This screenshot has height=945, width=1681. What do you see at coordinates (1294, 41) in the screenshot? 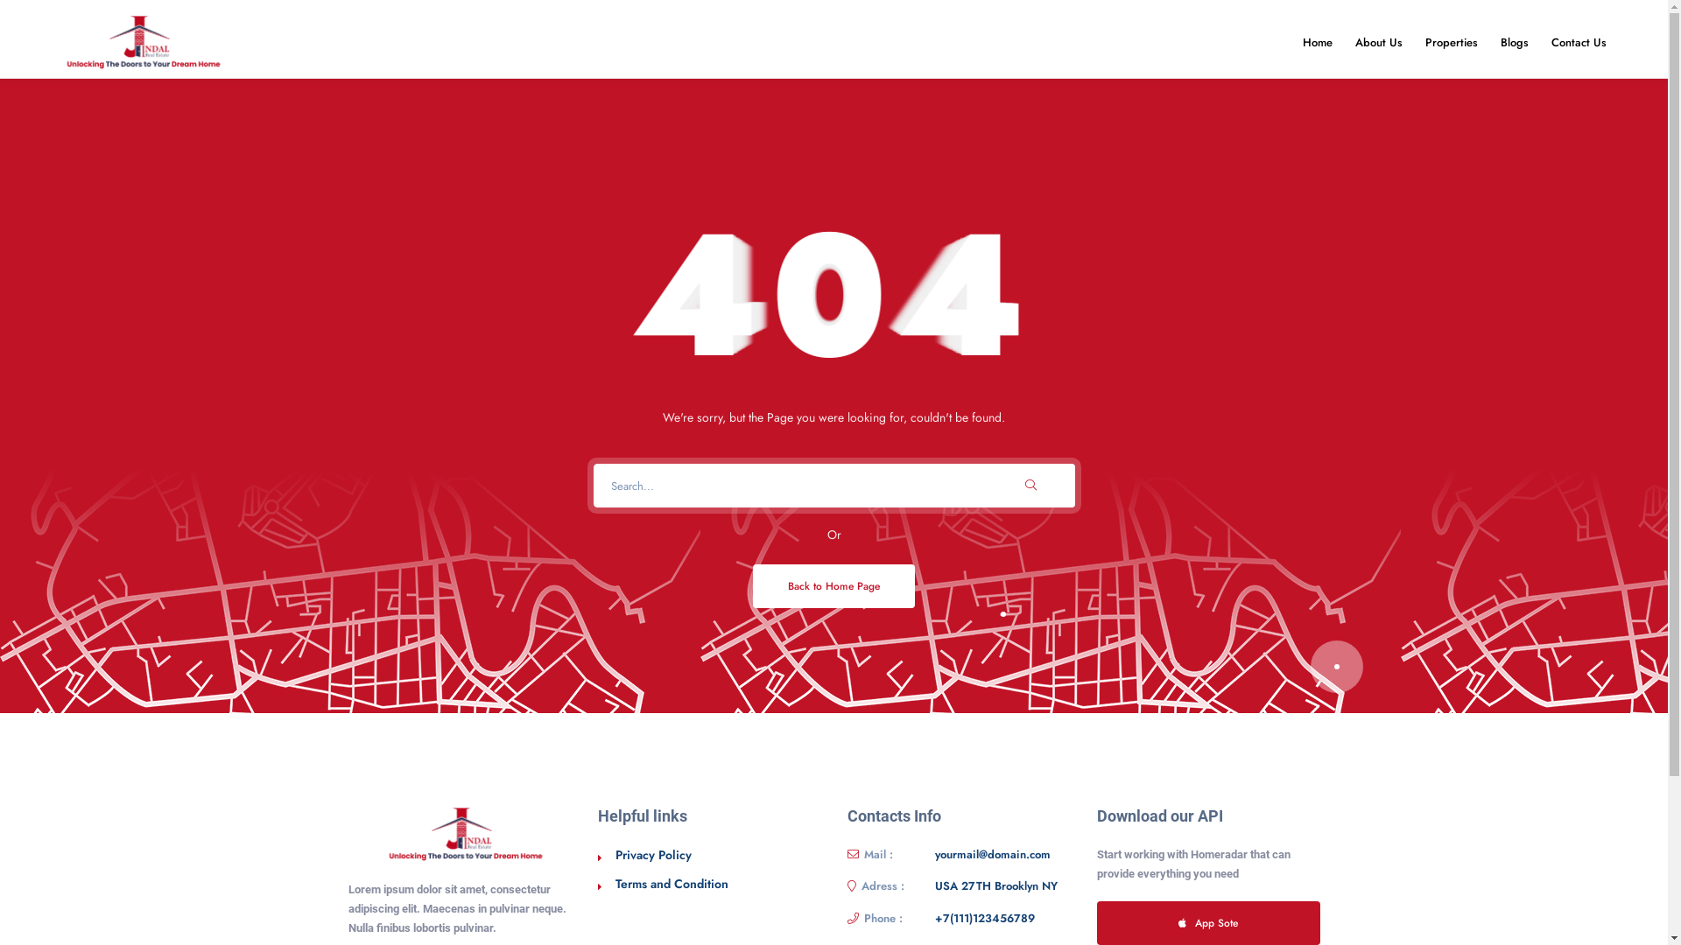
I see `'Home'` at bounding box center [1294, 41].